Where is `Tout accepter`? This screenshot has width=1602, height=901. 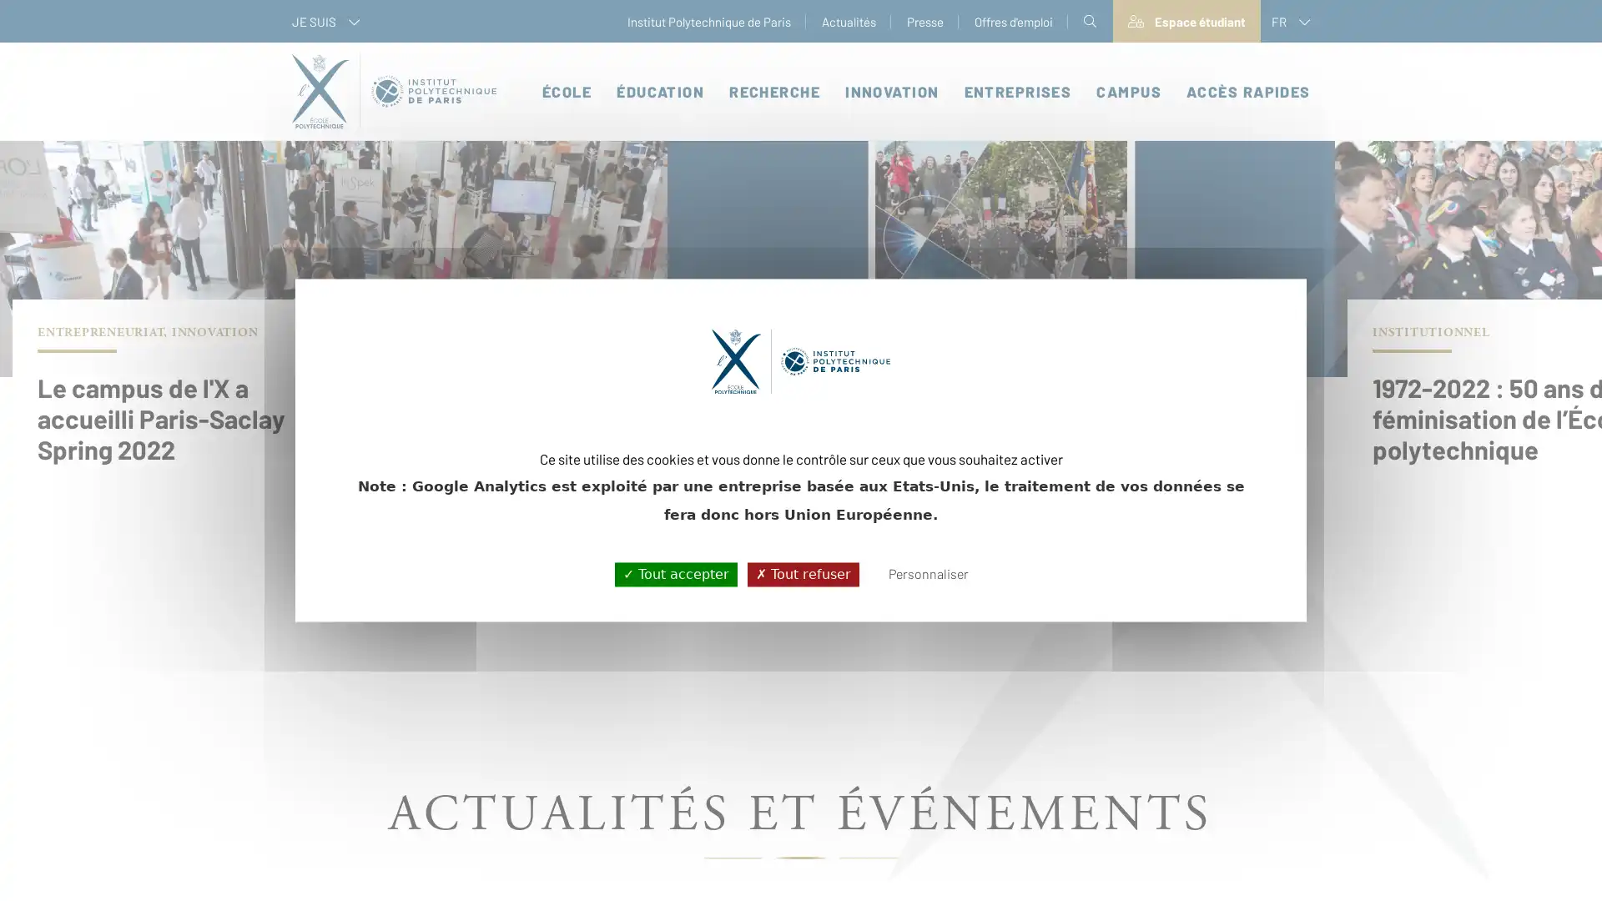 Tout accepter is located at coordinates (675, 573).